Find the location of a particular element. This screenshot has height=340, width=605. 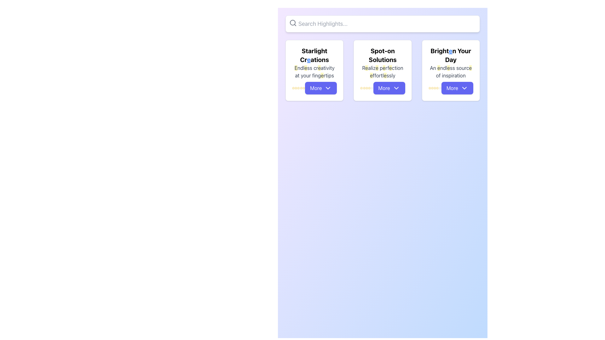

the rectangular button with rounded corners labeled 'More' located at the bottom of the 'Brighten Your Day' card is located at coordinates (457, 88).